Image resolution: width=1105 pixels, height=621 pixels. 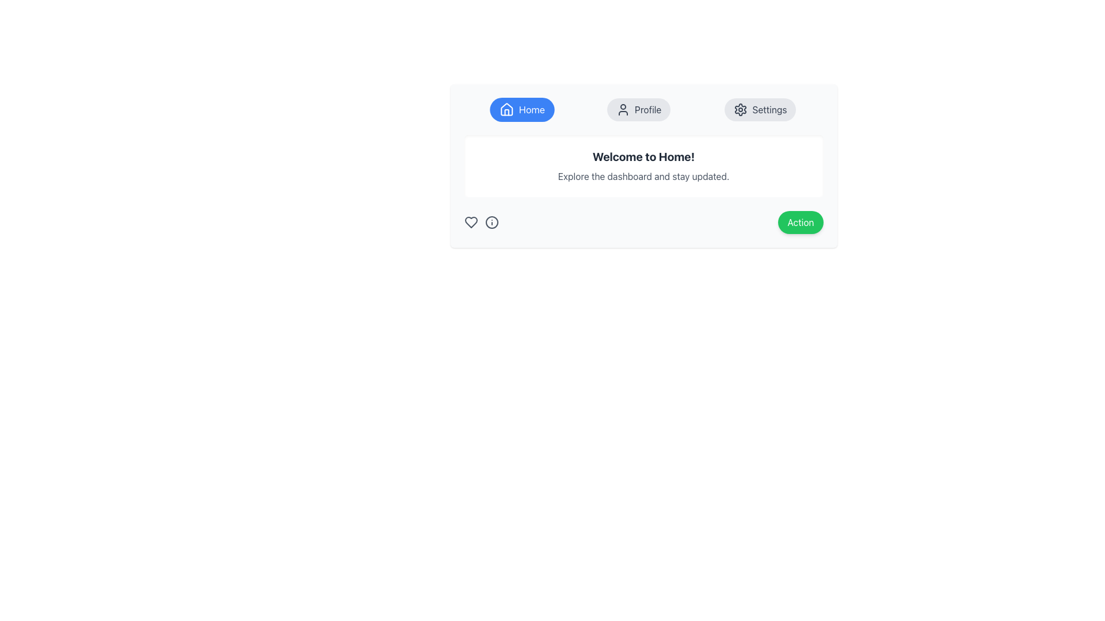 I want to click on the 'favorite' or 'like' icon located at the bottom-left corner of the white rectangular card, which is the first symbol in a horizontal group of icons, so click(x=471, y=222).